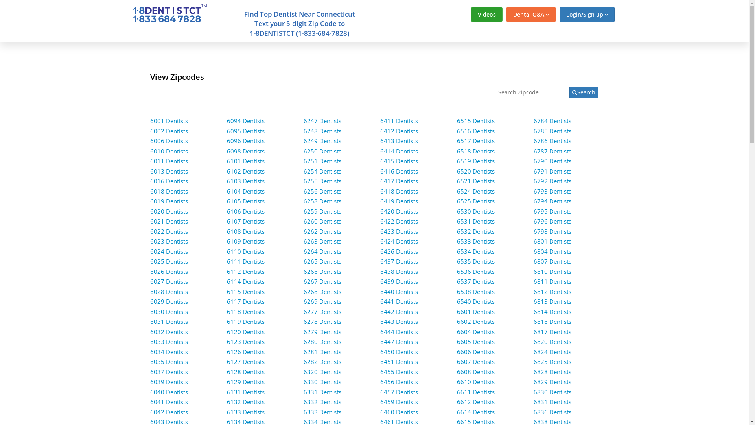 This screenshot has height=425, width=755. Describe the element at coordinates (322, 171) in the screenshot. I see `'6254 Dentists'` at that location.